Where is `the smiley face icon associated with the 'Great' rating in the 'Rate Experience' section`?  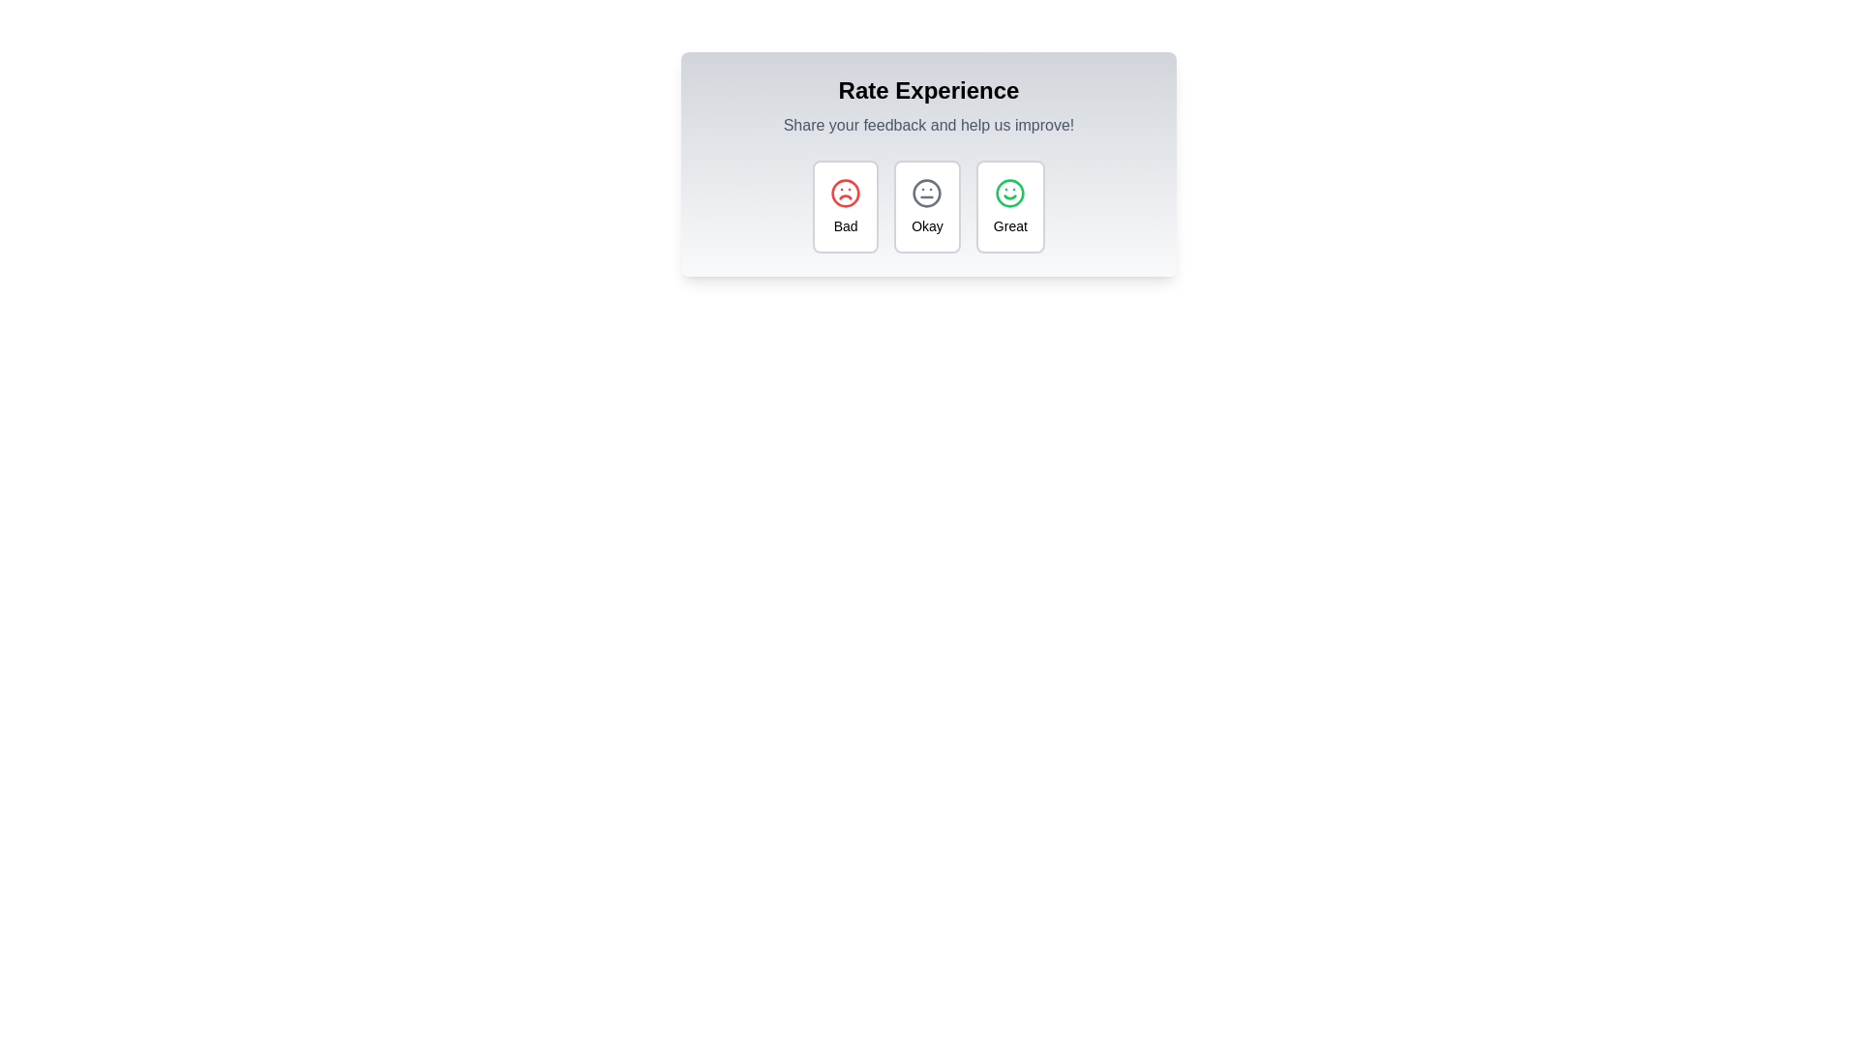 the smiley face icon associated with the 'Great' rating in the 'Rate Experience' section is located at coordinates (1009, 194).